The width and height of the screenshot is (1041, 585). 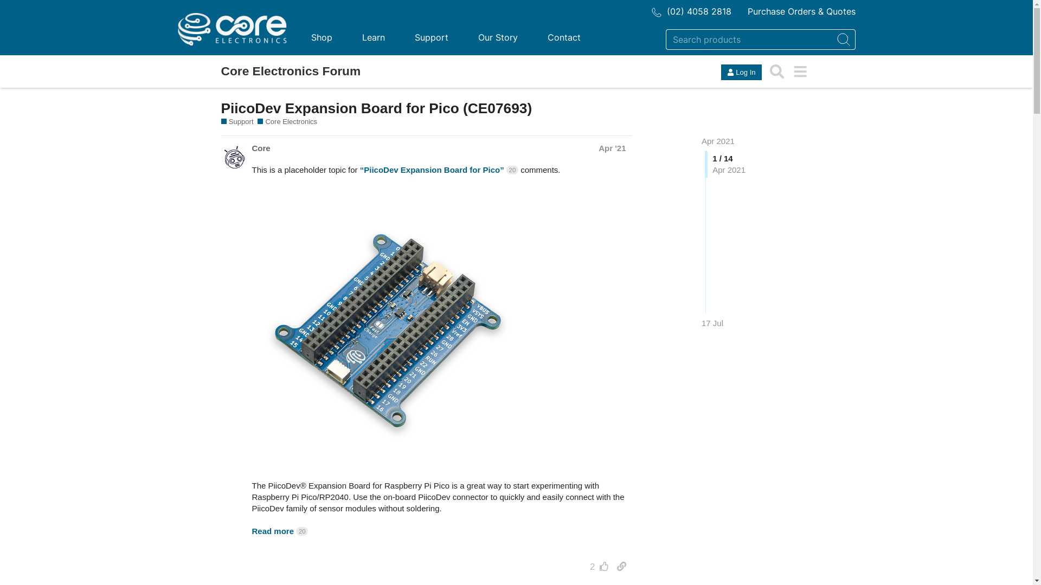 What do you see at coordinates (533, 37) in the screenshot?
I see `'Contact'` at bounding box center [533, 37].